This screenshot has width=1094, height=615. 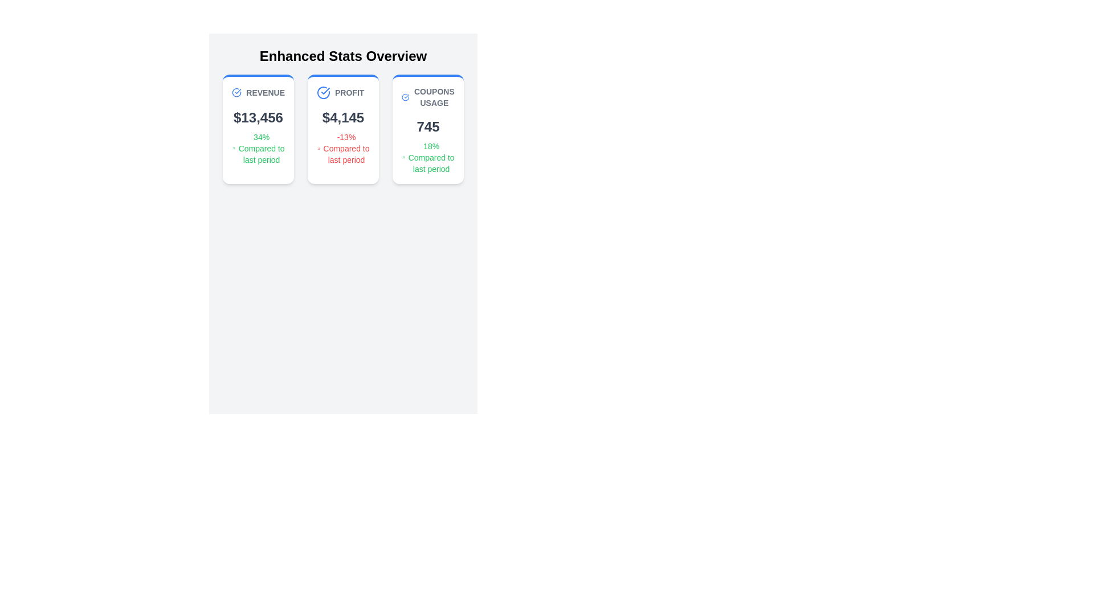 What do you see at coordinates (258, 92) in the screenshot?
I see `the text that labels the card indicating 'Revenue', located at the top section of the leftmost card, above the value '$13,456' with a blue circled checkmark icon to the left` at bounding box center [258, 92].